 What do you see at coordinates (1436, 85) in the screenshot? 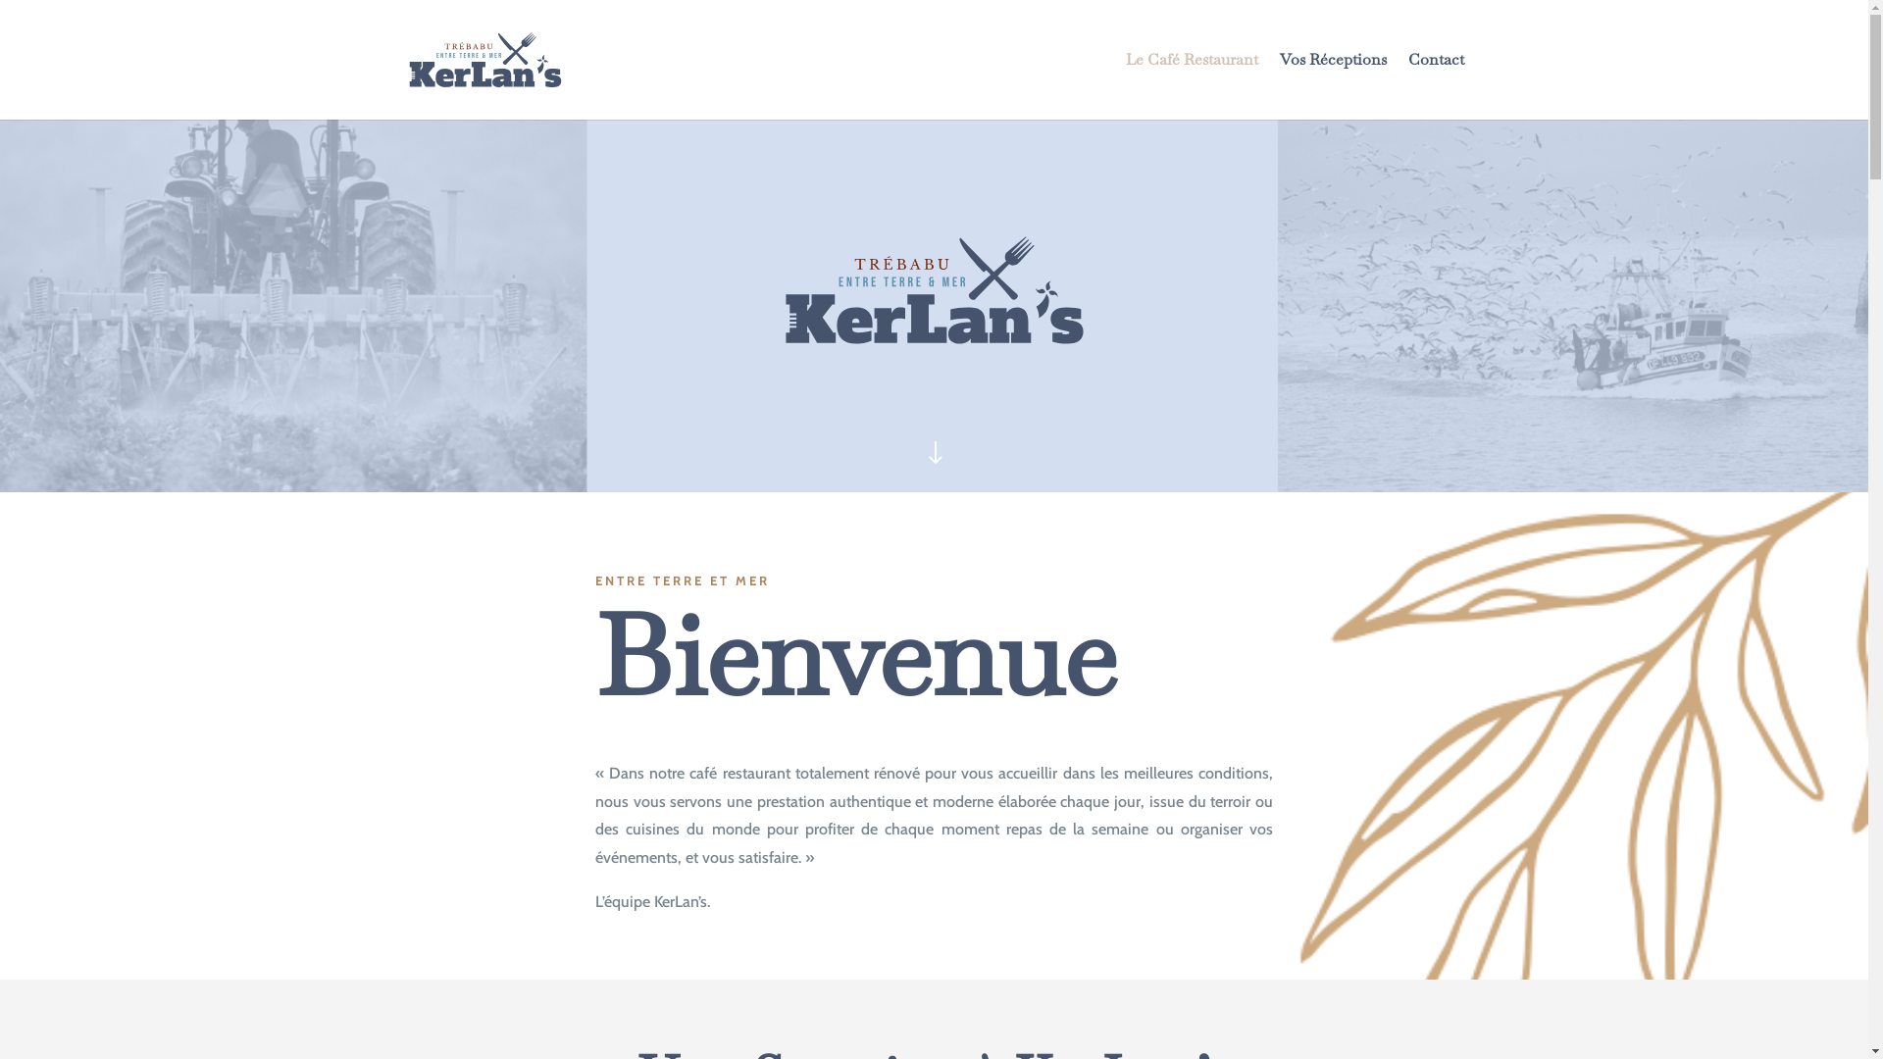
I see `'Contact'` at bounding box center [1436, 85].